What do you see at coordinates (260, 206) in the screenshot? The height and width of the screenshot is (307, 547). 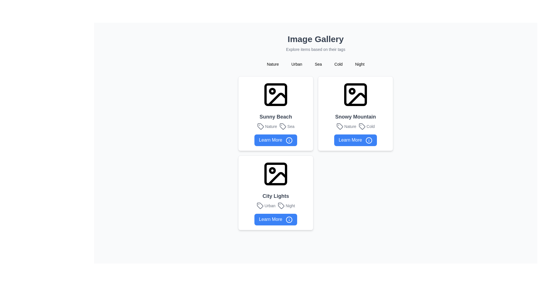 I see `the icon that visually signifies the text 'Urban', which is located to the left of the 'Urban' text under the 'City Lights' card in the third row of the main grid layout` at bounding box center [260, 206].